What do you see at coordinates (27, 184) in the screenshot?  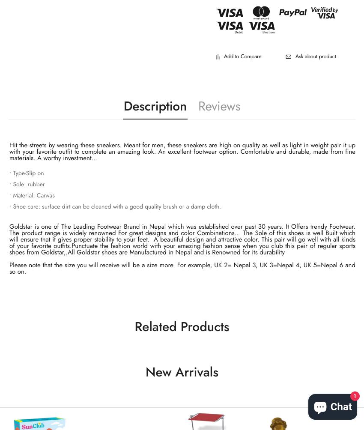 I see `'• Sole: rubber'` at bounding box center [27, 184].